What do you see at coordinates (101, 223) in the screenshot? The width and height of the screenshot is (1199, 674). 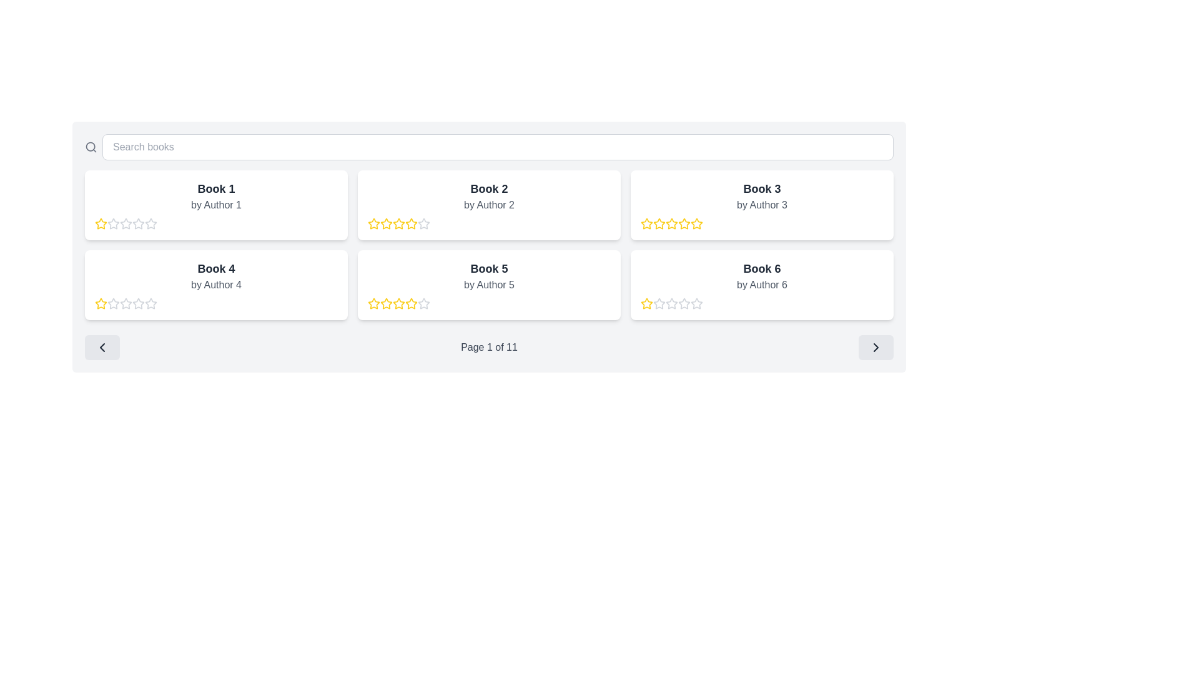 I see `the first star icon with a yellow outline and a white interior to rate 'Book 1.'` at bounding box center [101, 223].